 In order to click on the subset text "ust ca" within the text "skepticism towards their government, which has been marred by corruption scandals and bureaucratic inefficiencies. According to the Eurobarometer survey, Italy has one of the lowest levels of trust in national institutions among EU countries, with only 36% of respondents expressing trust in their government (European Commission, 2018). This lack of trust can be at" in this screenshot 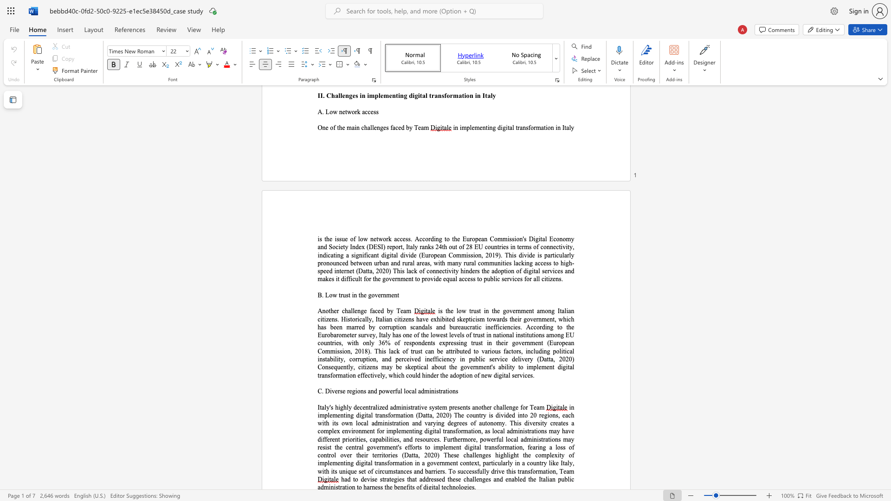, I will do `click(414, 351)`.